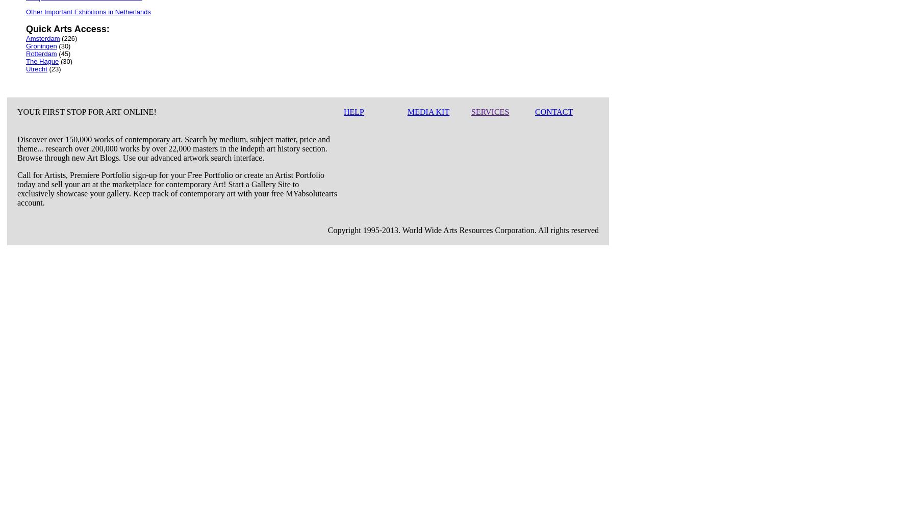 Image resolution: width=914 pixels, height=510 pixels. I want to click on 'MEDIA KIT', so click(428, 111).